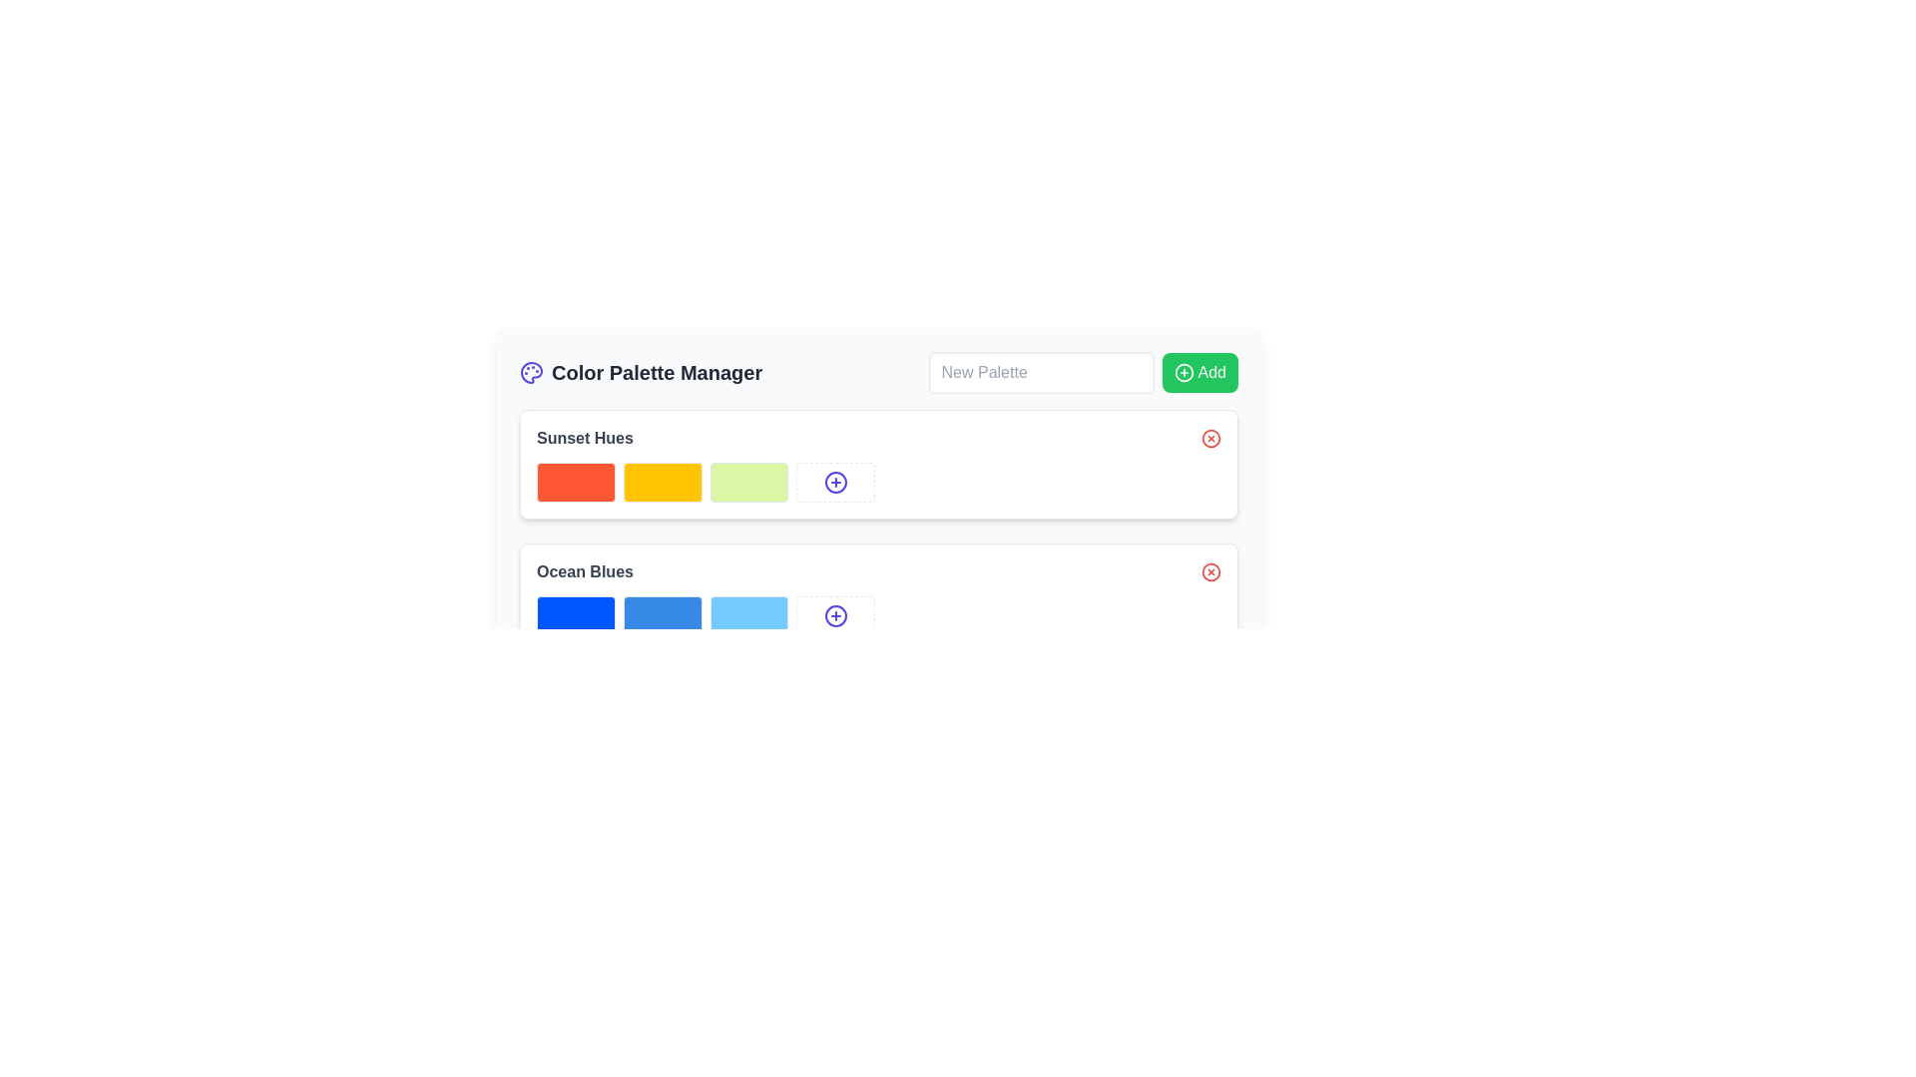 Image resolution: width=1916 pixels, height=1077 pixels. Describe the element at coordinates (575, 614) in the screenshot. I see `the first color swatch representing blue in the 'Ocean Blues' palette` at that location.